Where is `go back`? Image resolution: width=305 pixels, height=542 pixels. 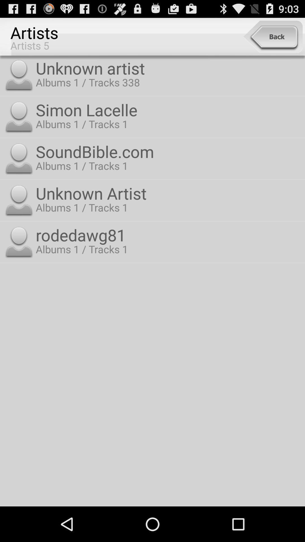 go back is located at coordinates (273, 36).